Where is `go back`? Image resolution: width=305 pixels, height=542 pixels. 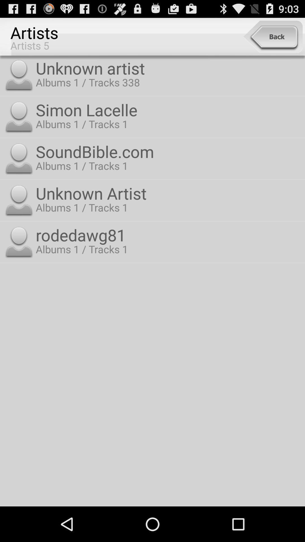 go back is located at coordinates (273, 36).